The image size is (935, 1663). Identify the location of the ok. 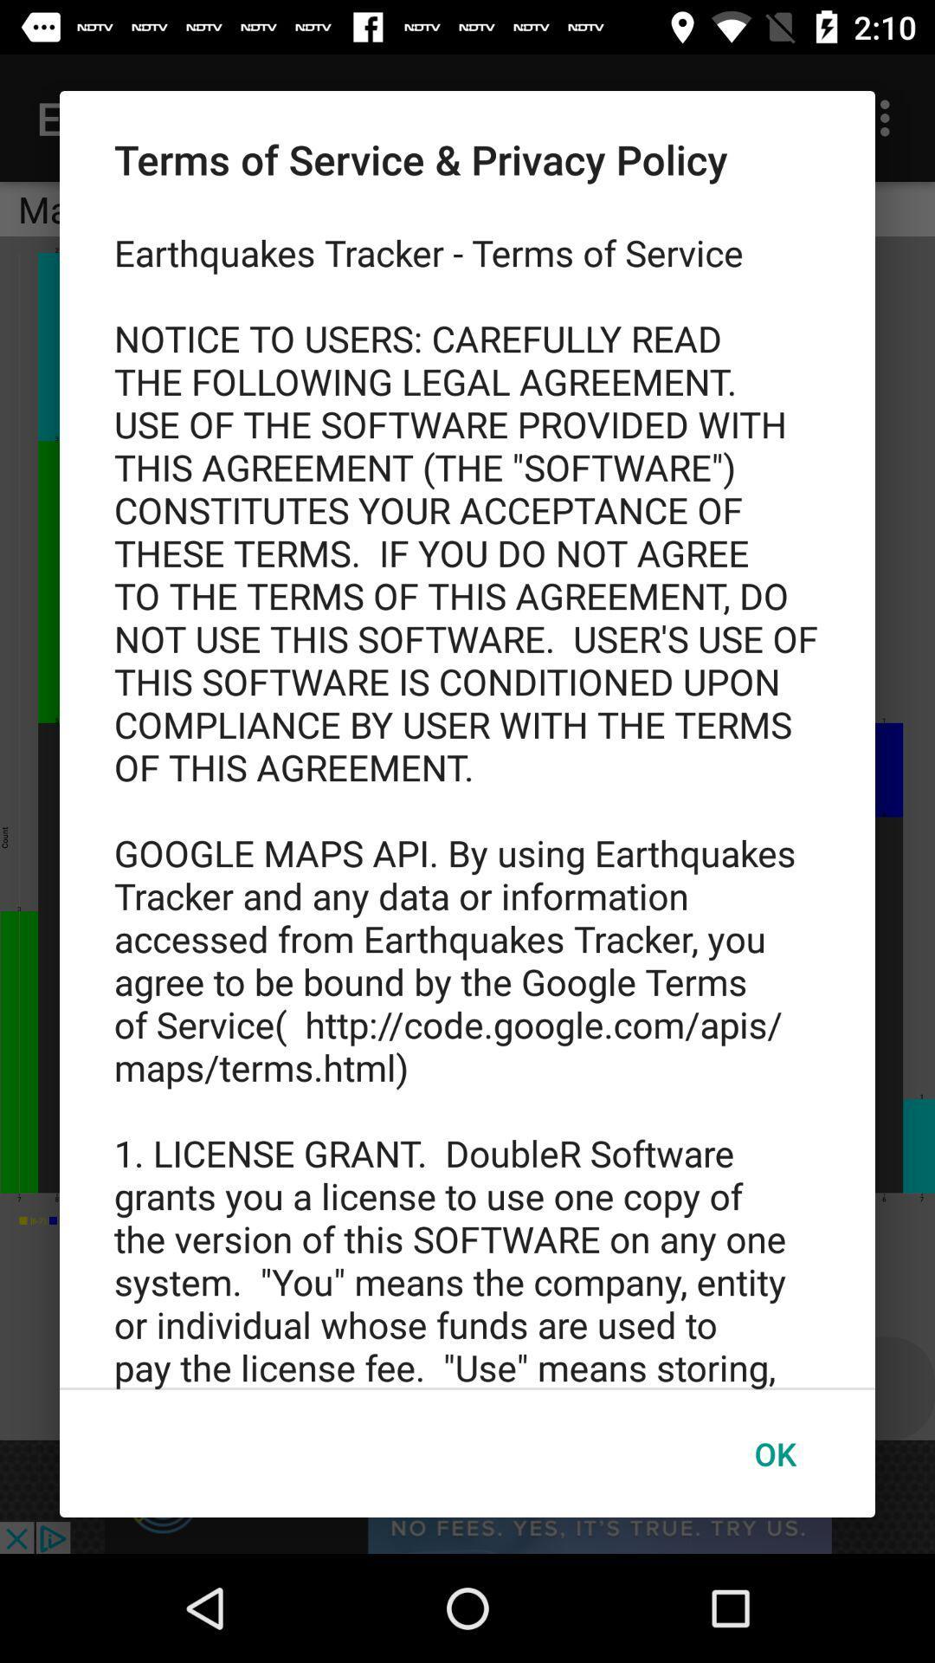
(774, 1453).